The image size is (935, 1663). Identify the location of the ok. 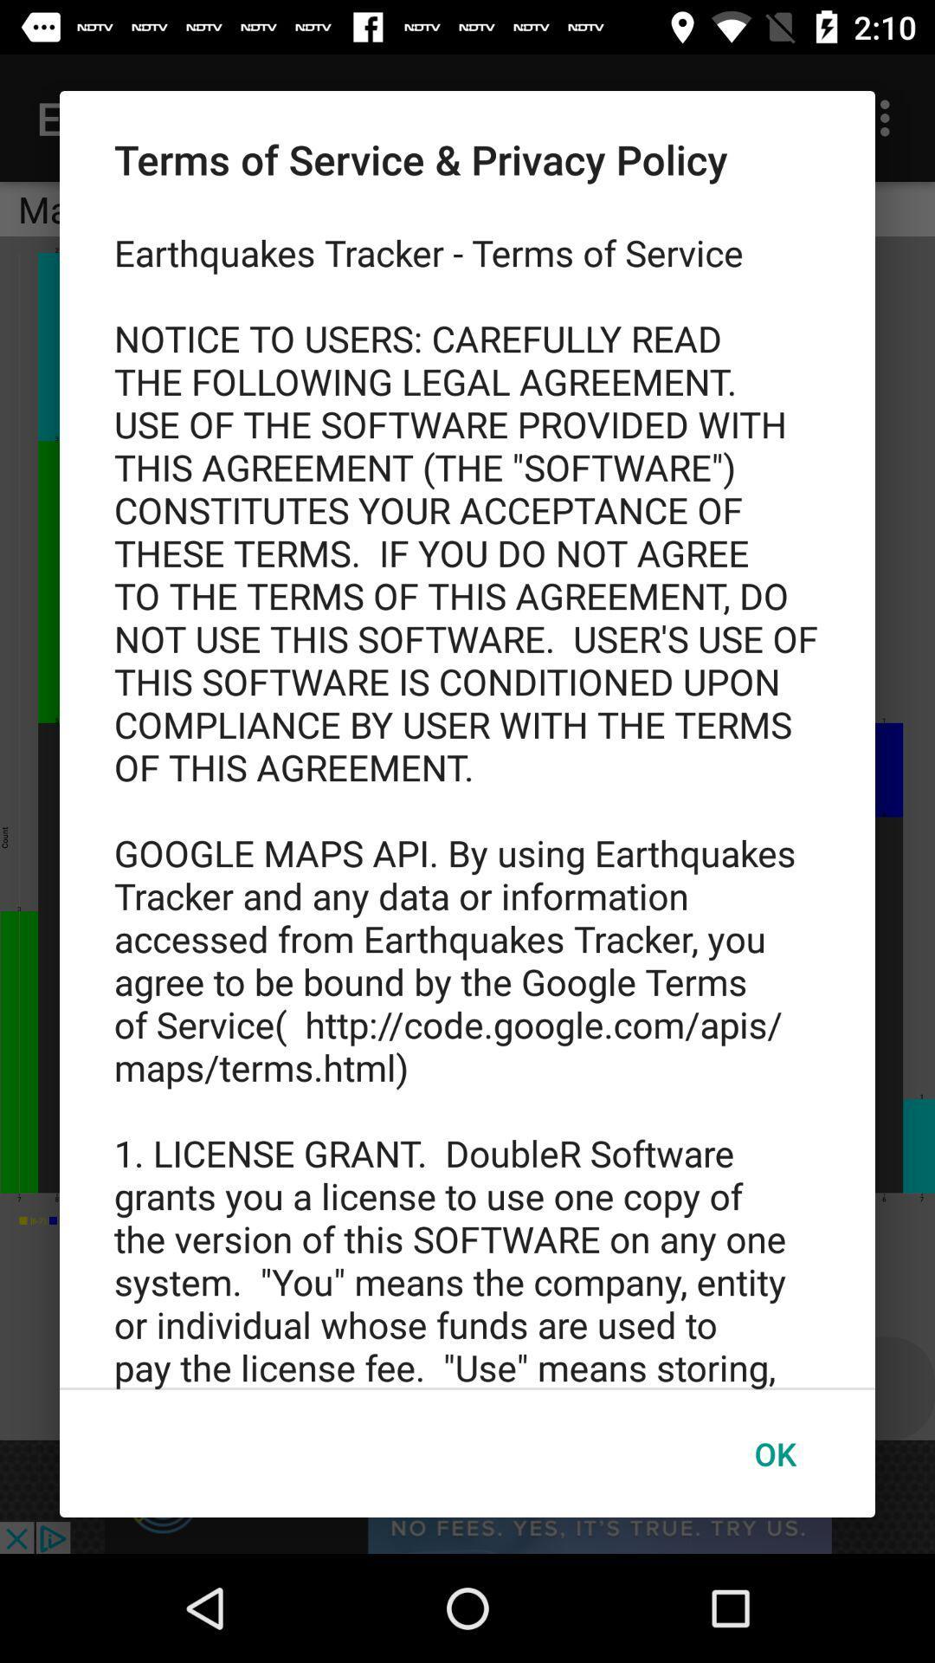
(774, 1453).